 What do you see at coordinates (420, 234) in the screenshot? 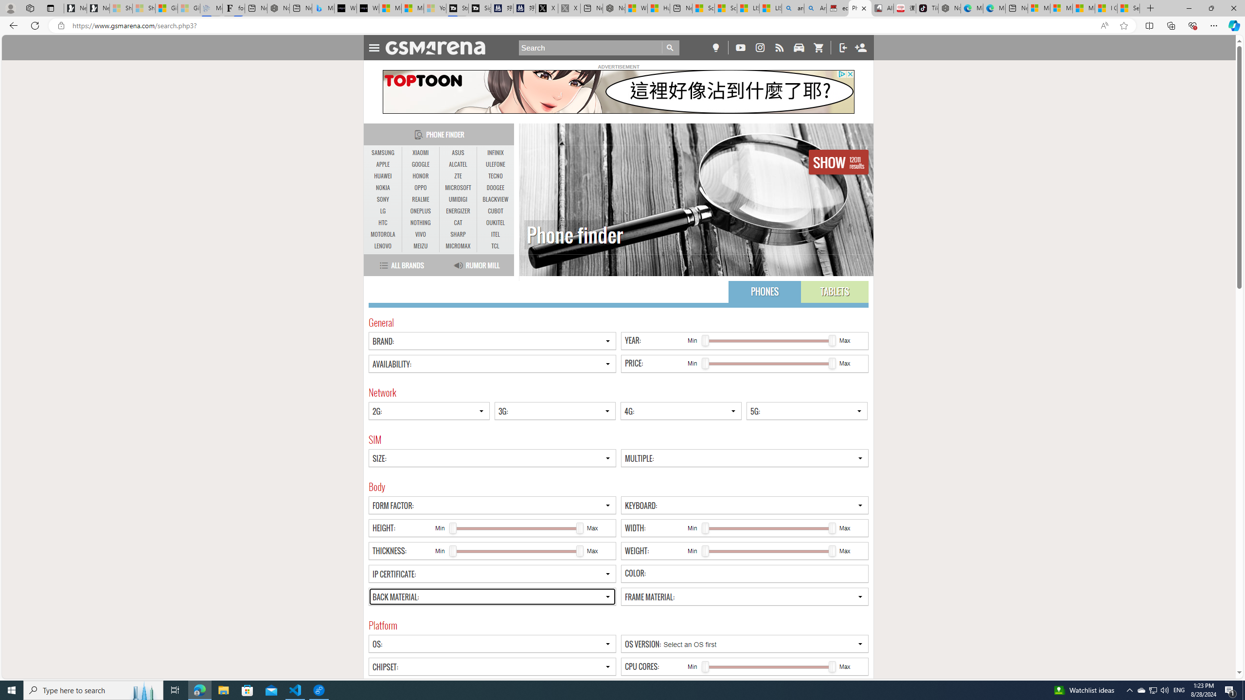
I see `'VIVO'` at bounding box center [420, 234].